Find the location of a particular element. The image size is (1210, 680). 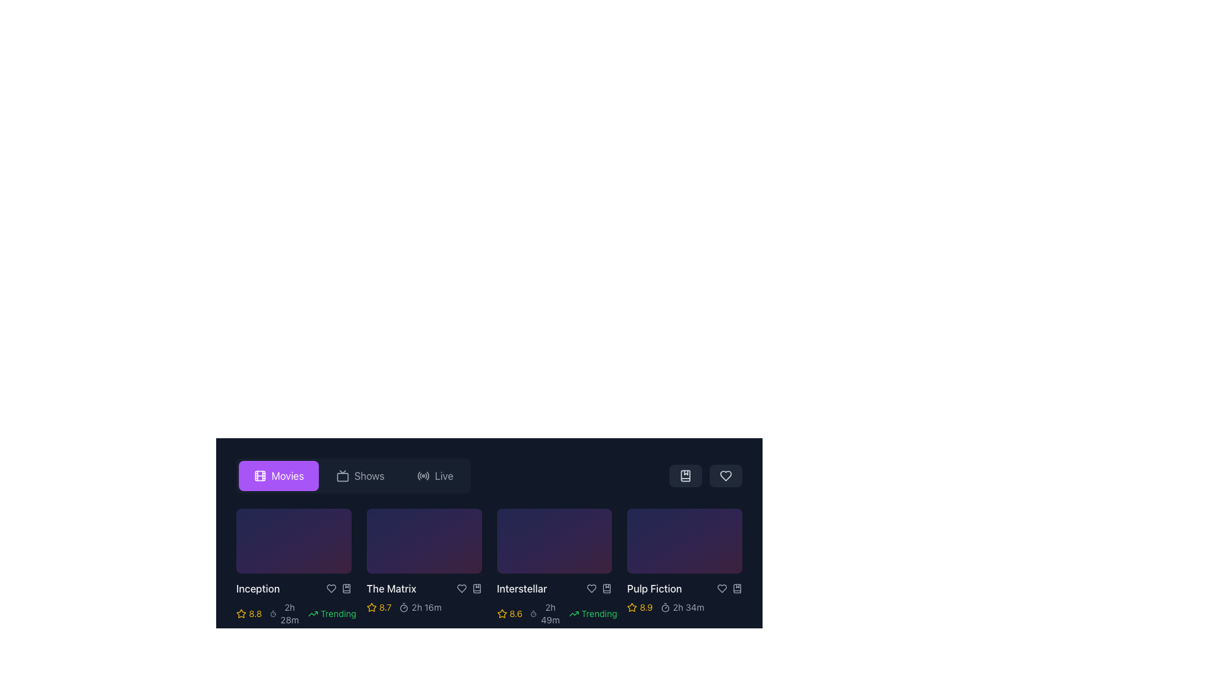

the informational label representing the duration of the movie, located to the right of the yellow star rating ('8.6') and left of the 'Trending' label in the third card of the horizontal list is located at coordinates (545, 613).